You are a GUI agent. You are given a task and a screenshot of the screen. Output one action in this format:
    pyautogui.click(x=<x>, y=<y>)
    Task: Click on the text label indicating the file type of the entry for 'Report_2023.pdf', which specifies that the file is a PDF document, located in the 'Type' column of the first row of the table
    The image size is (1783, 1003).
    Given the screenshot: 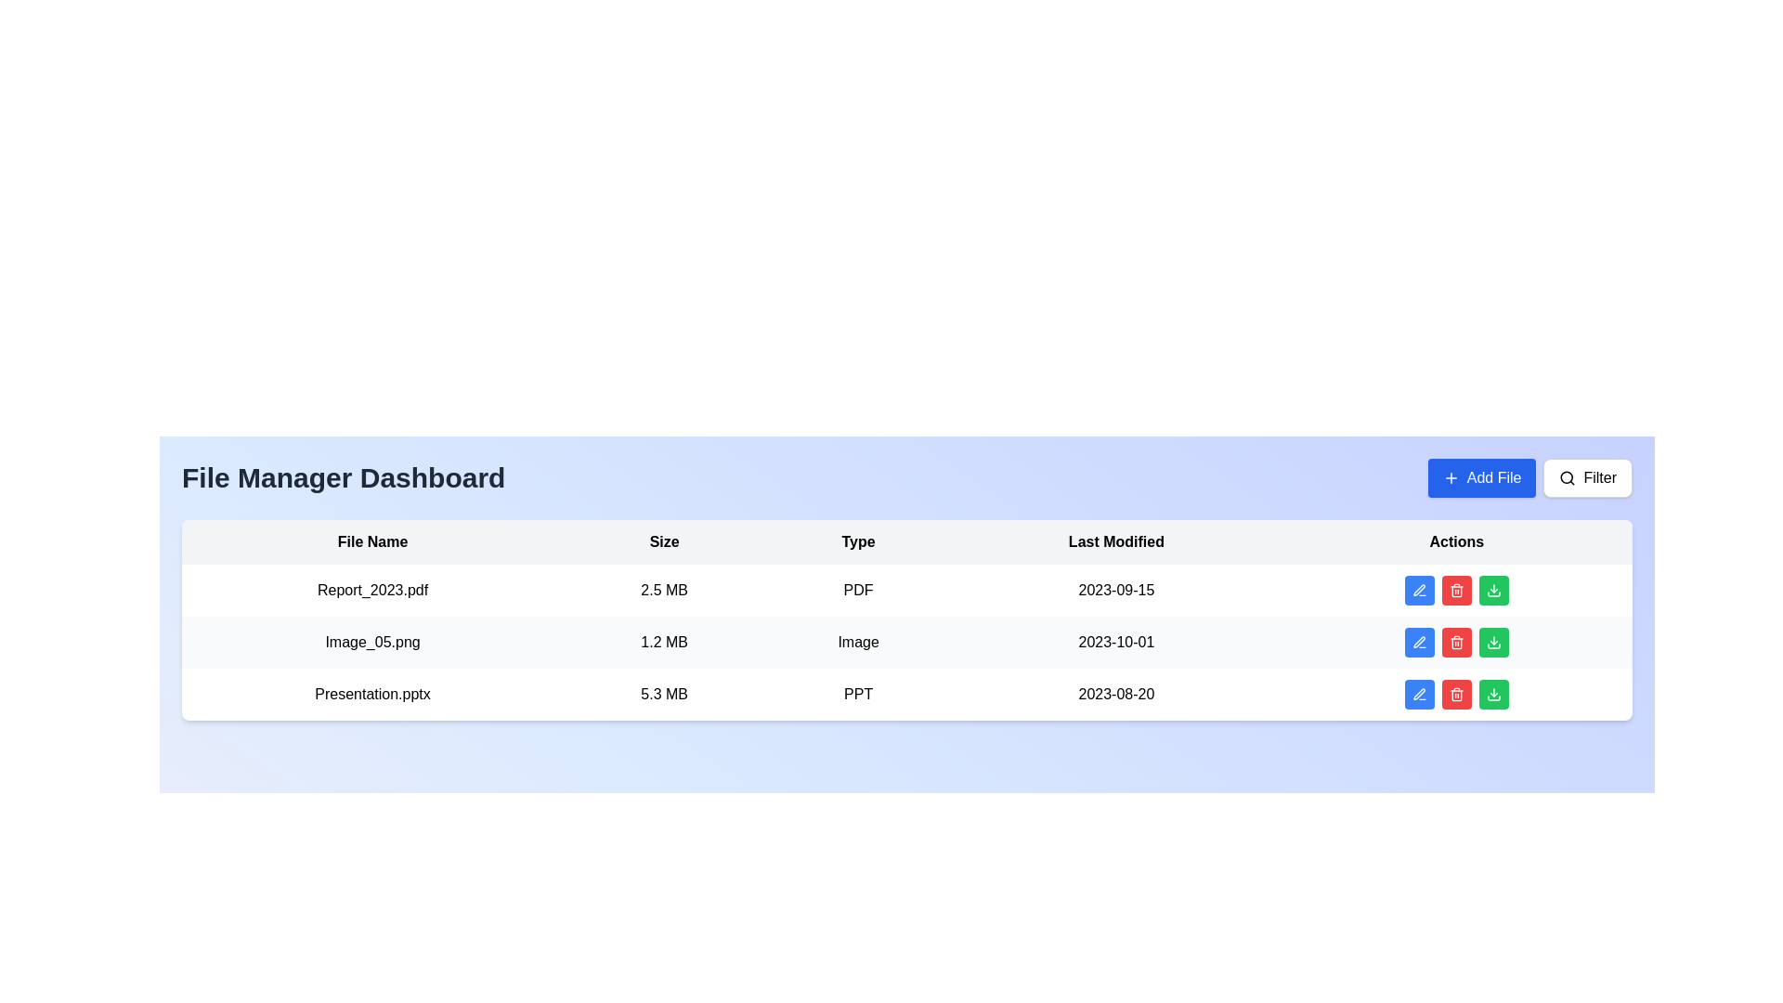 What is the action you would take?
    pyautogui.click(x=857, y=591)
    